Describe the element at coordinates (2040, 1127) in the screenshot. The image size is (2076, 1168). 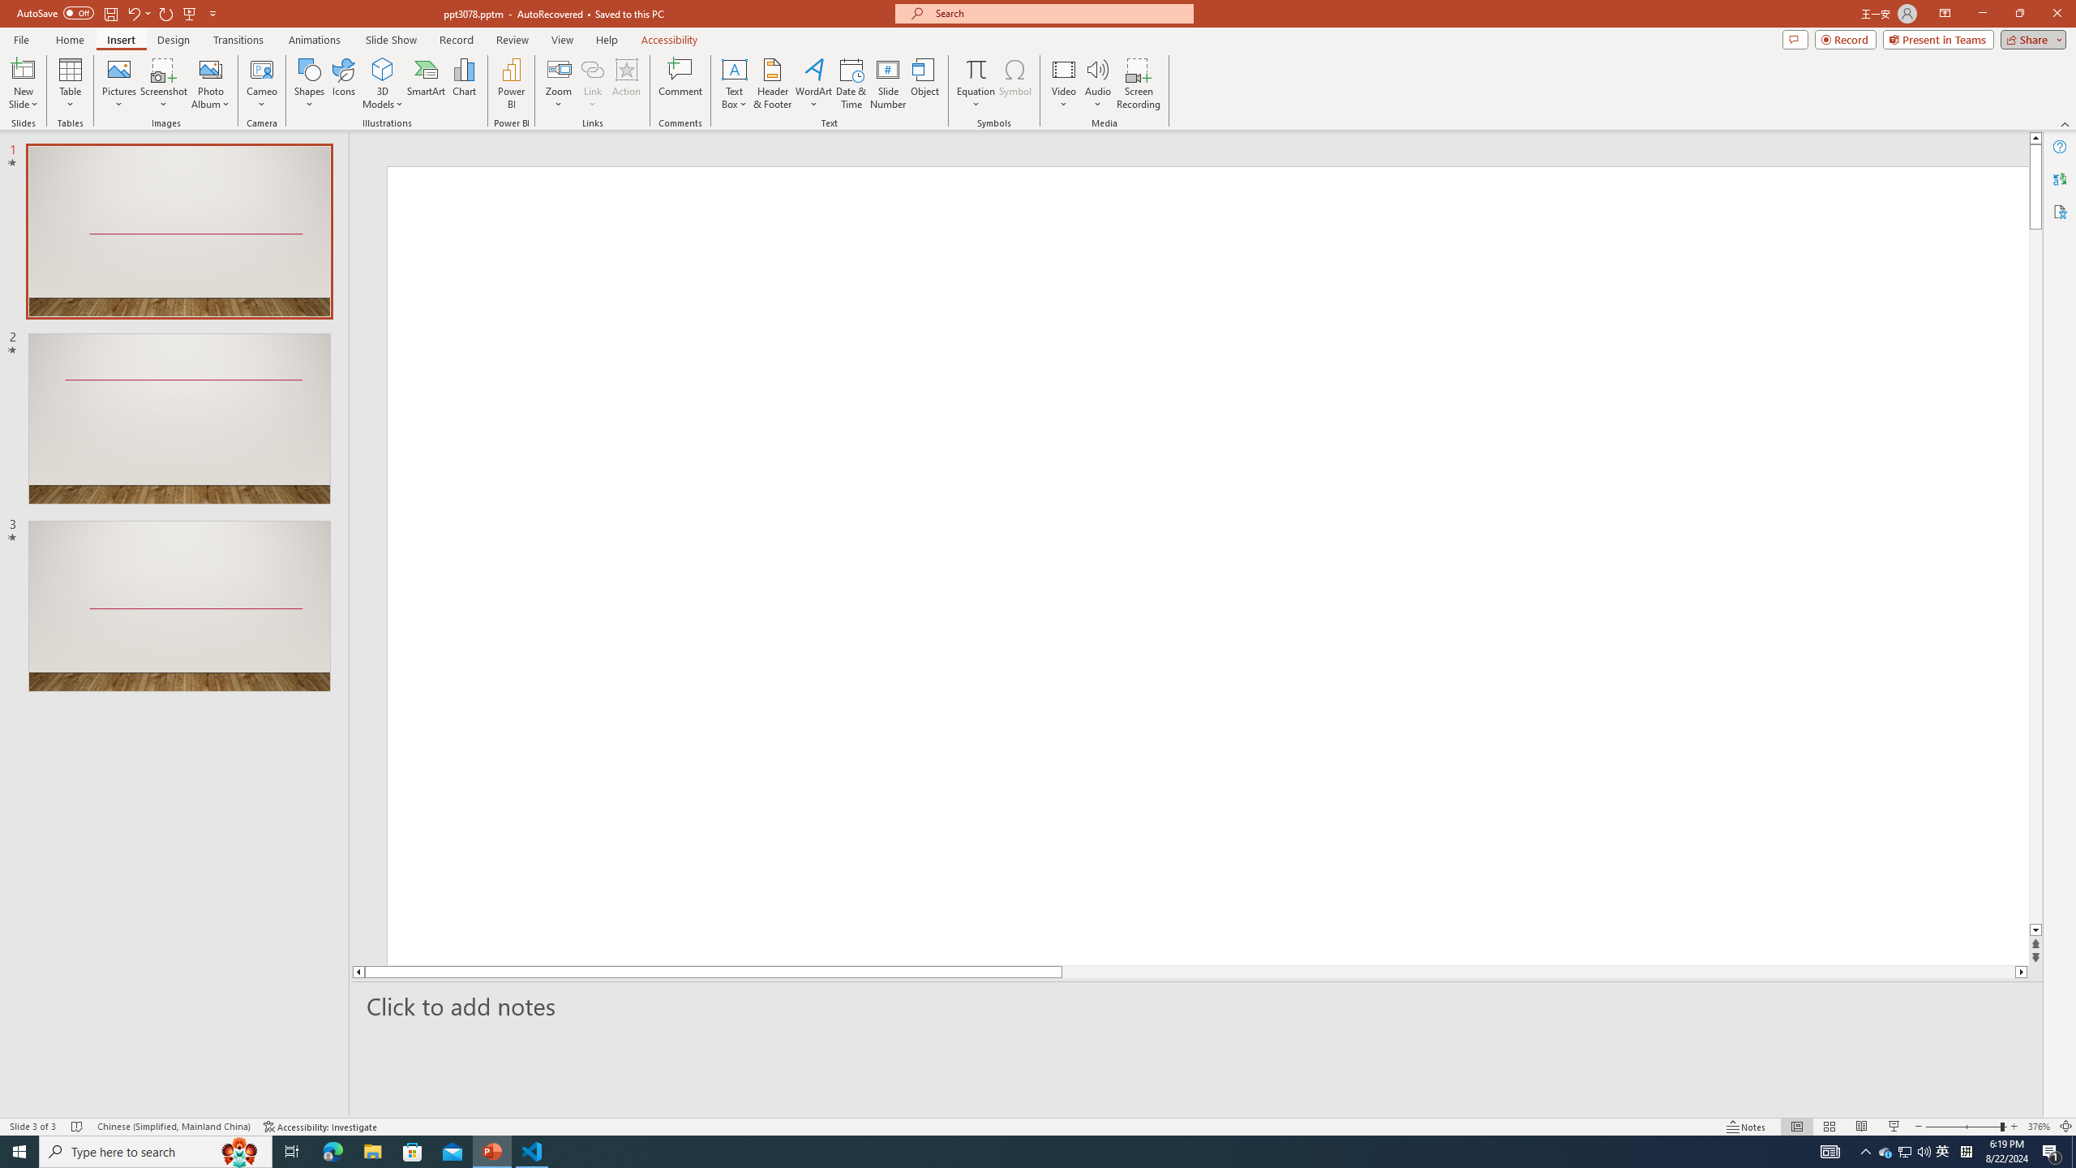
I see `'Zoom 376%'` at that location.